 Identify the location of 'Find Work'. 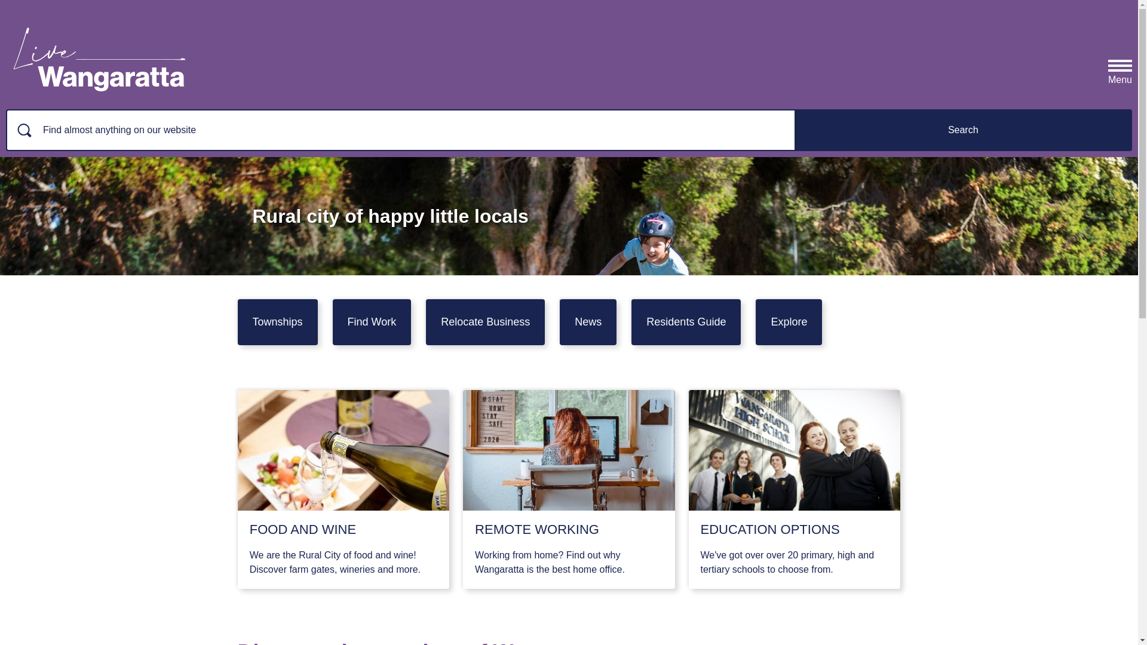
(332, 321).